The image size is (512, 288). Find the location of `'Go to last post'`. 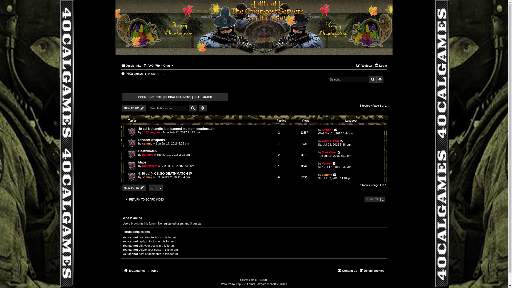

'Go to last post' is located at coordinates (334, 175).